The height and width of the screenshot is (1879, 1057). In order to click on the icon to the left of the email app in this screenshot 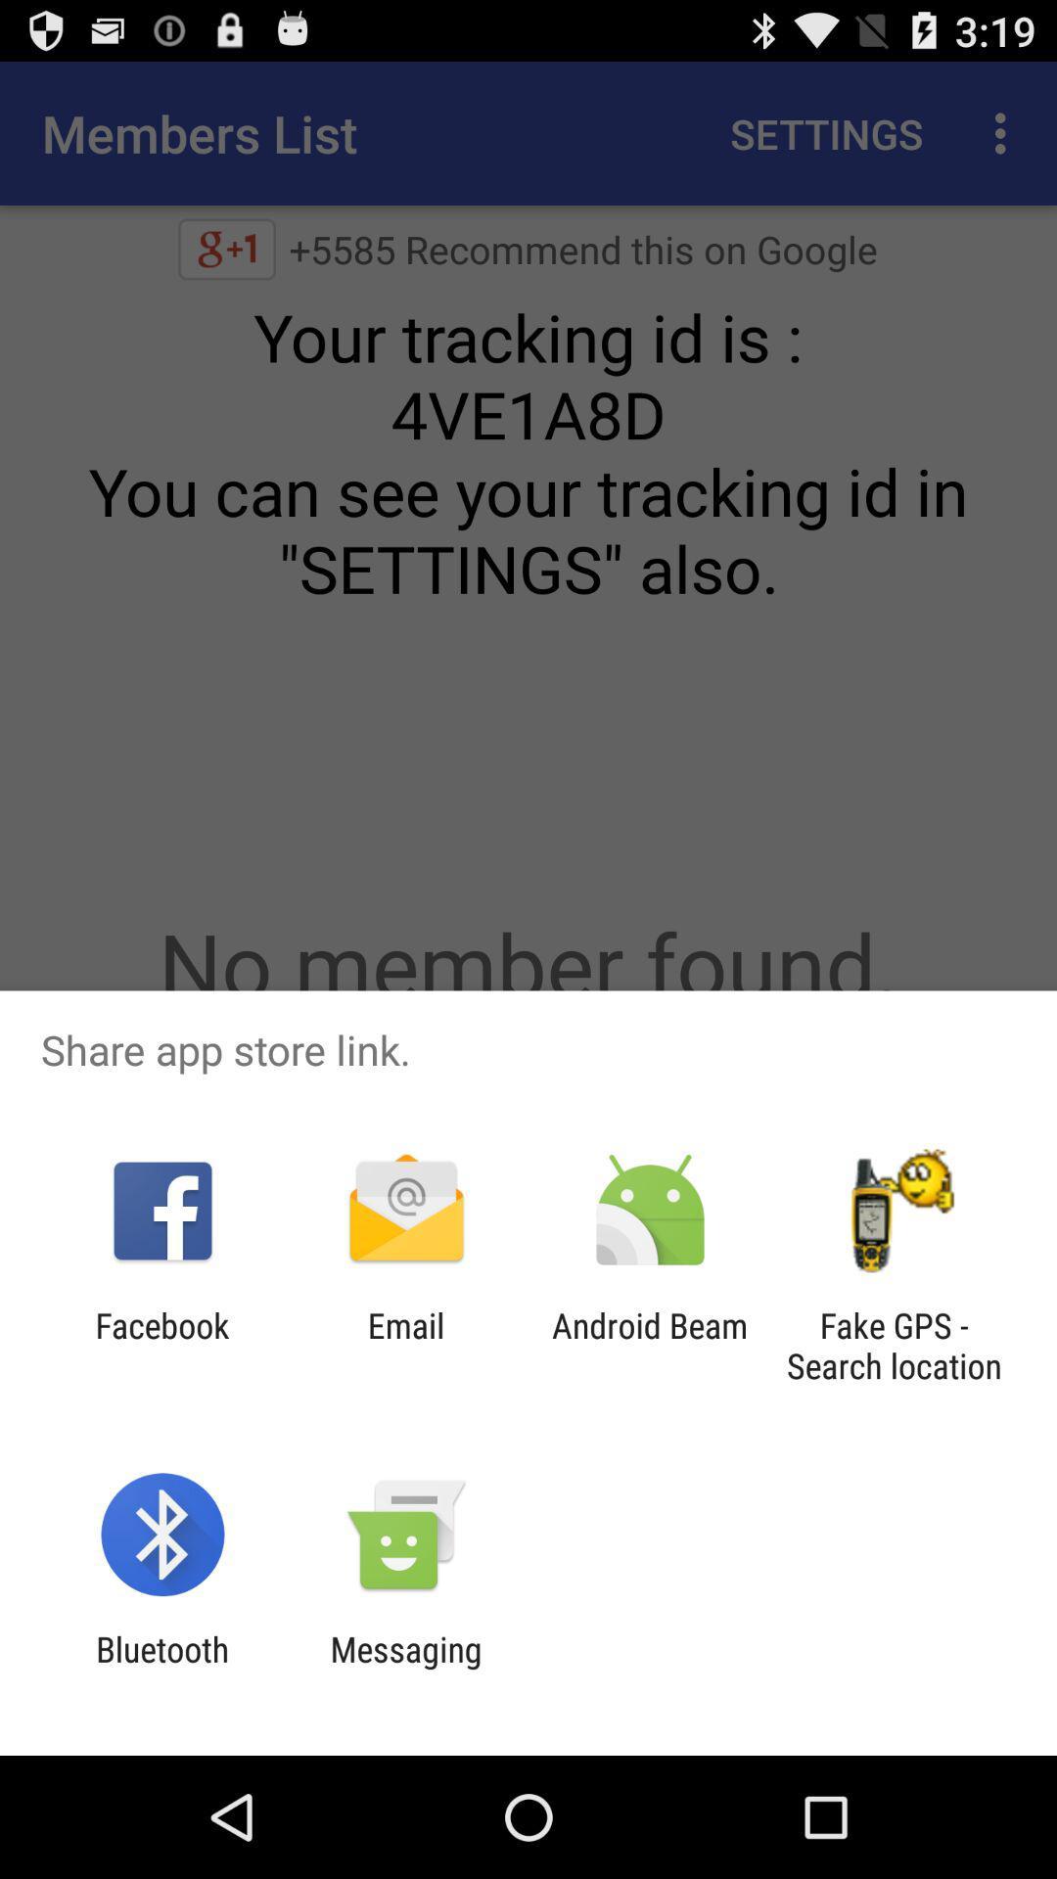, I will do `click(161, 1345)`.